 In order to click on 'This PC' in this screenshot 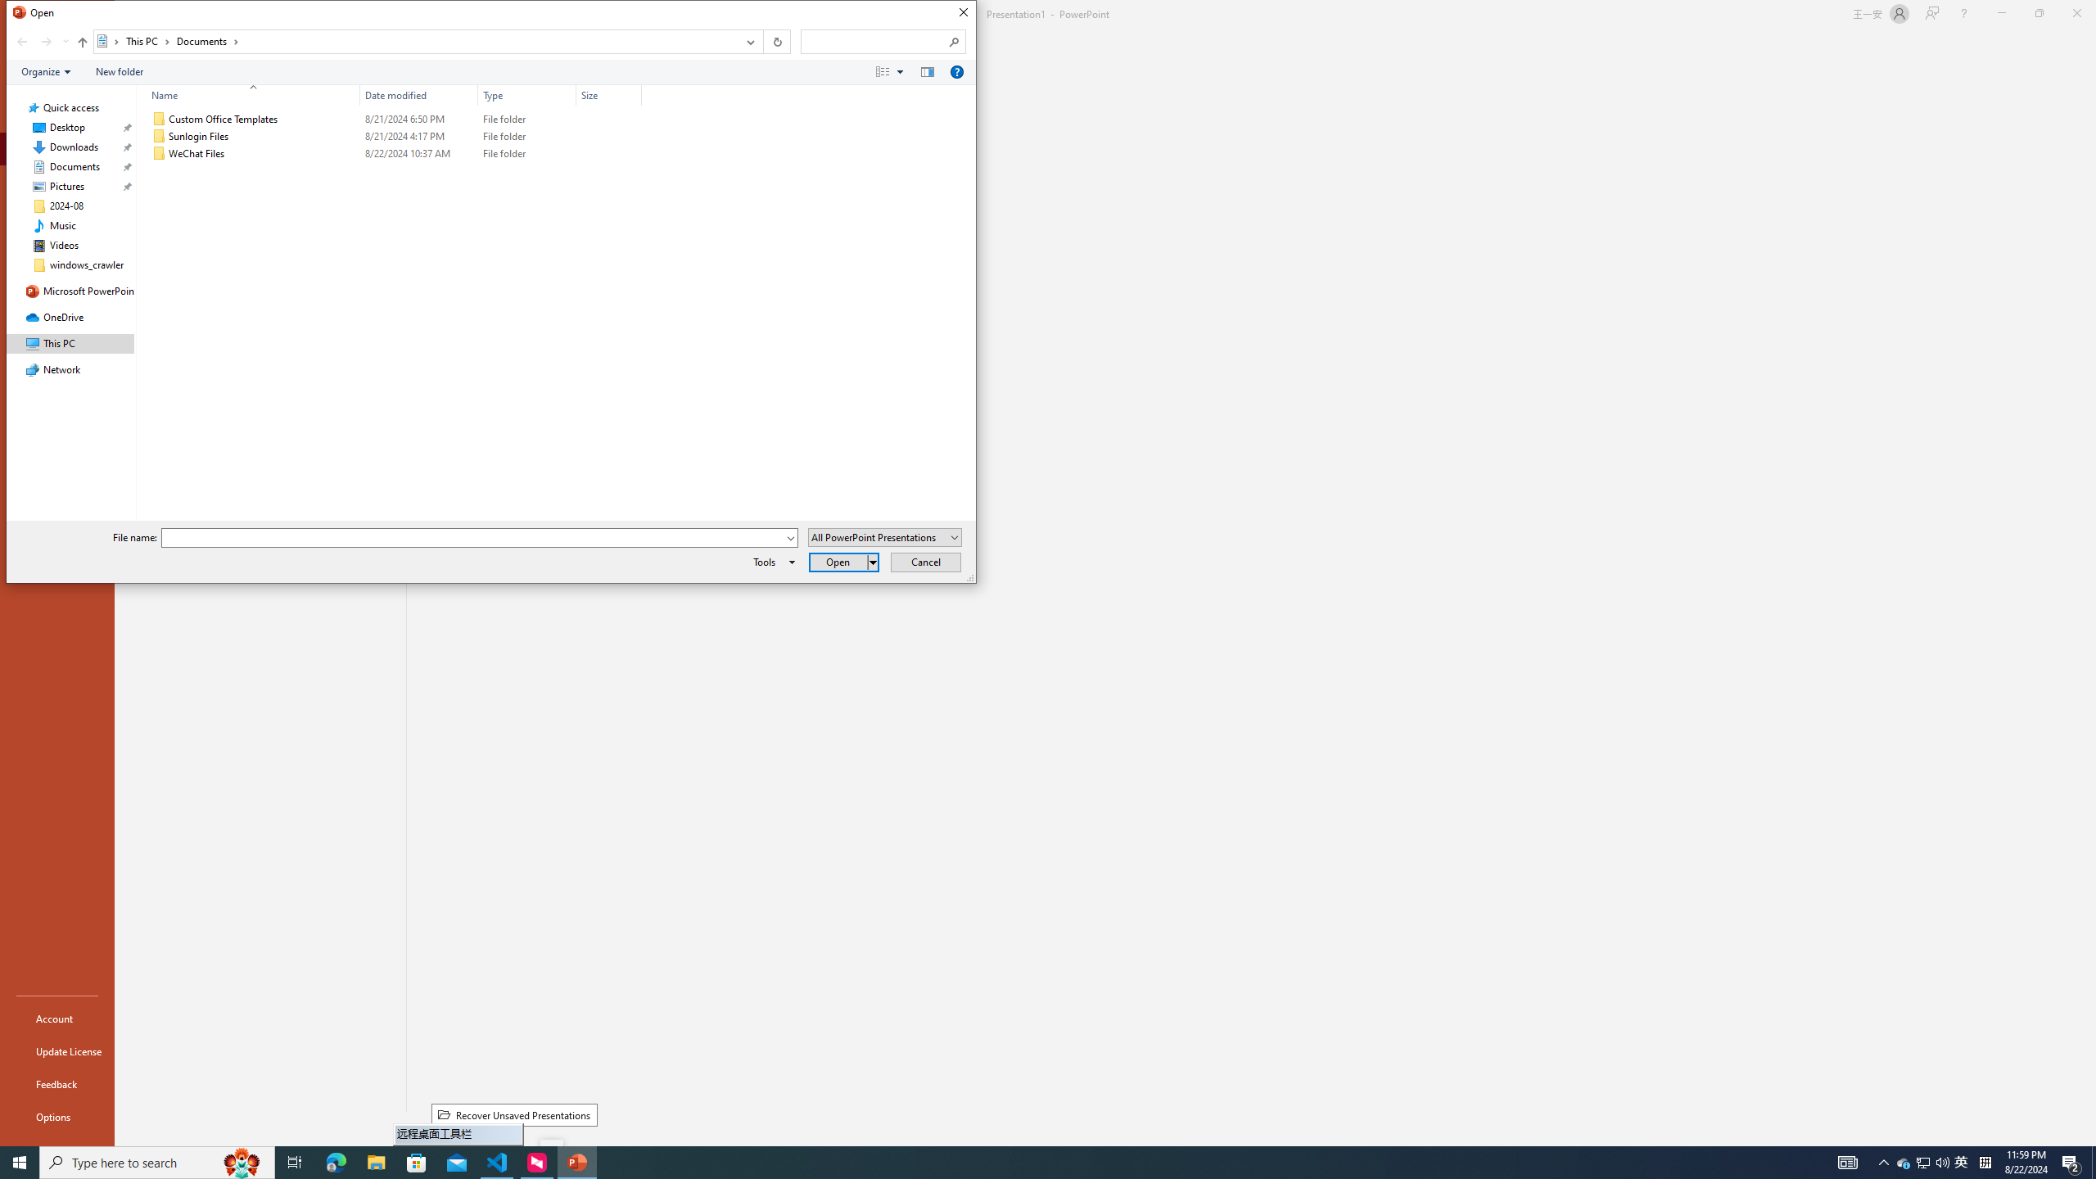, I will do `click(147, 40)`.